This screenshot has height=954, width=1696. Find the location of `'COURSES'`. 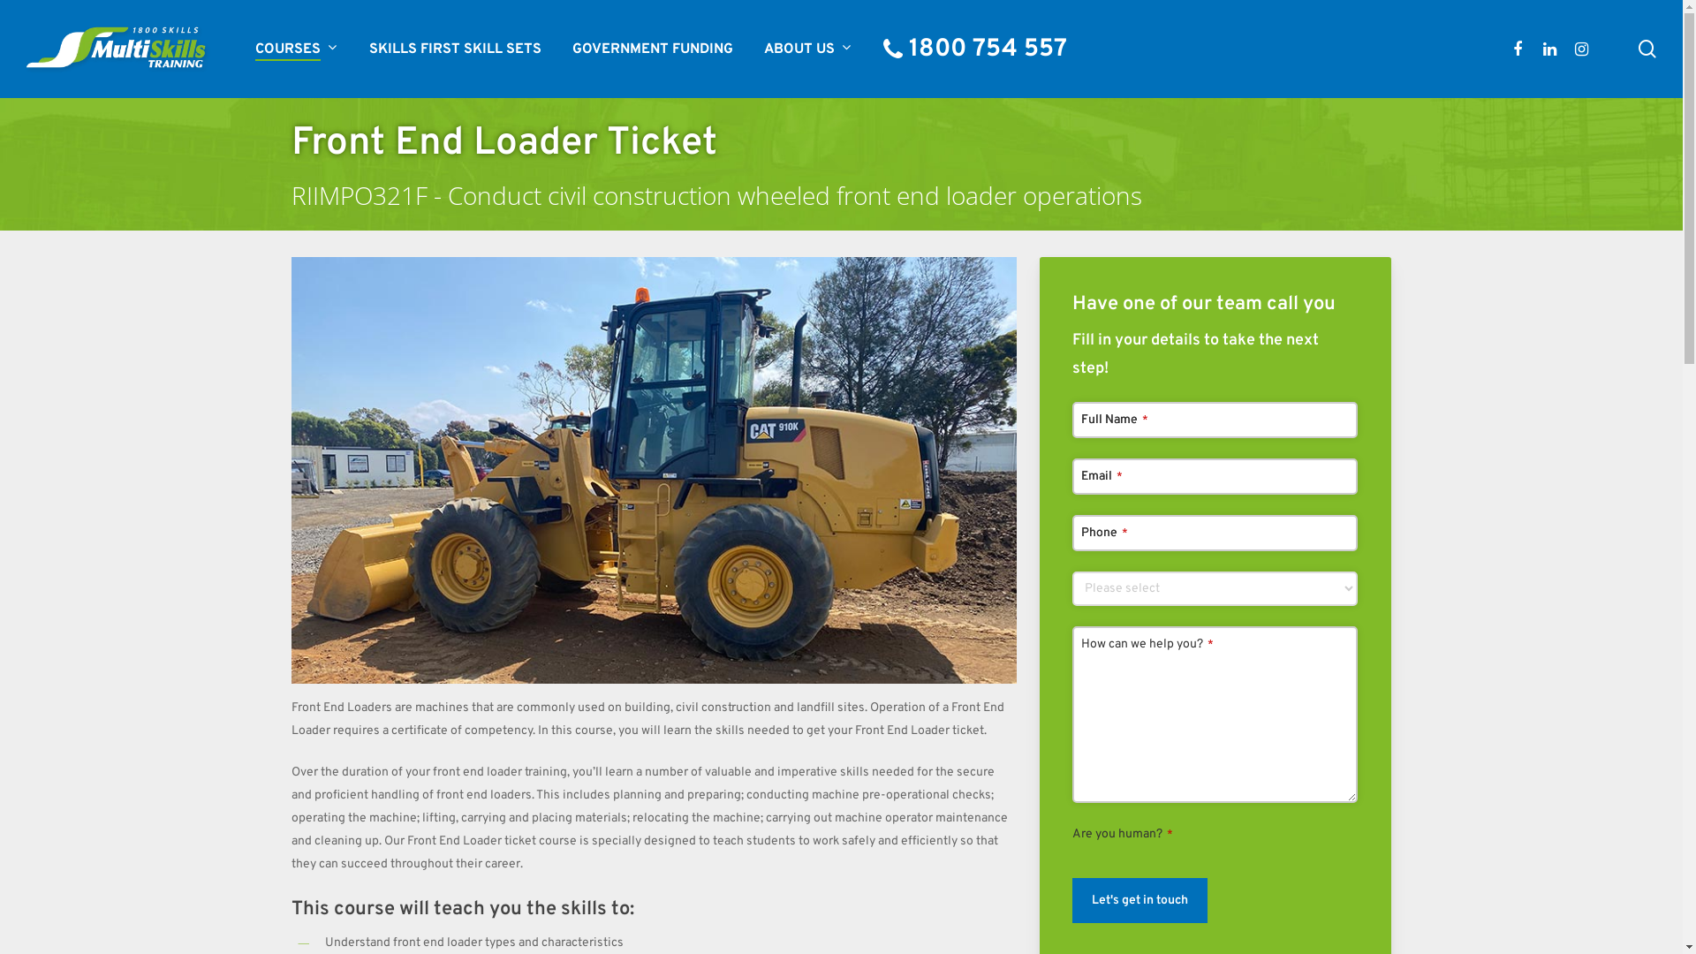

'COURSES' is located at coordinates (297, 47).